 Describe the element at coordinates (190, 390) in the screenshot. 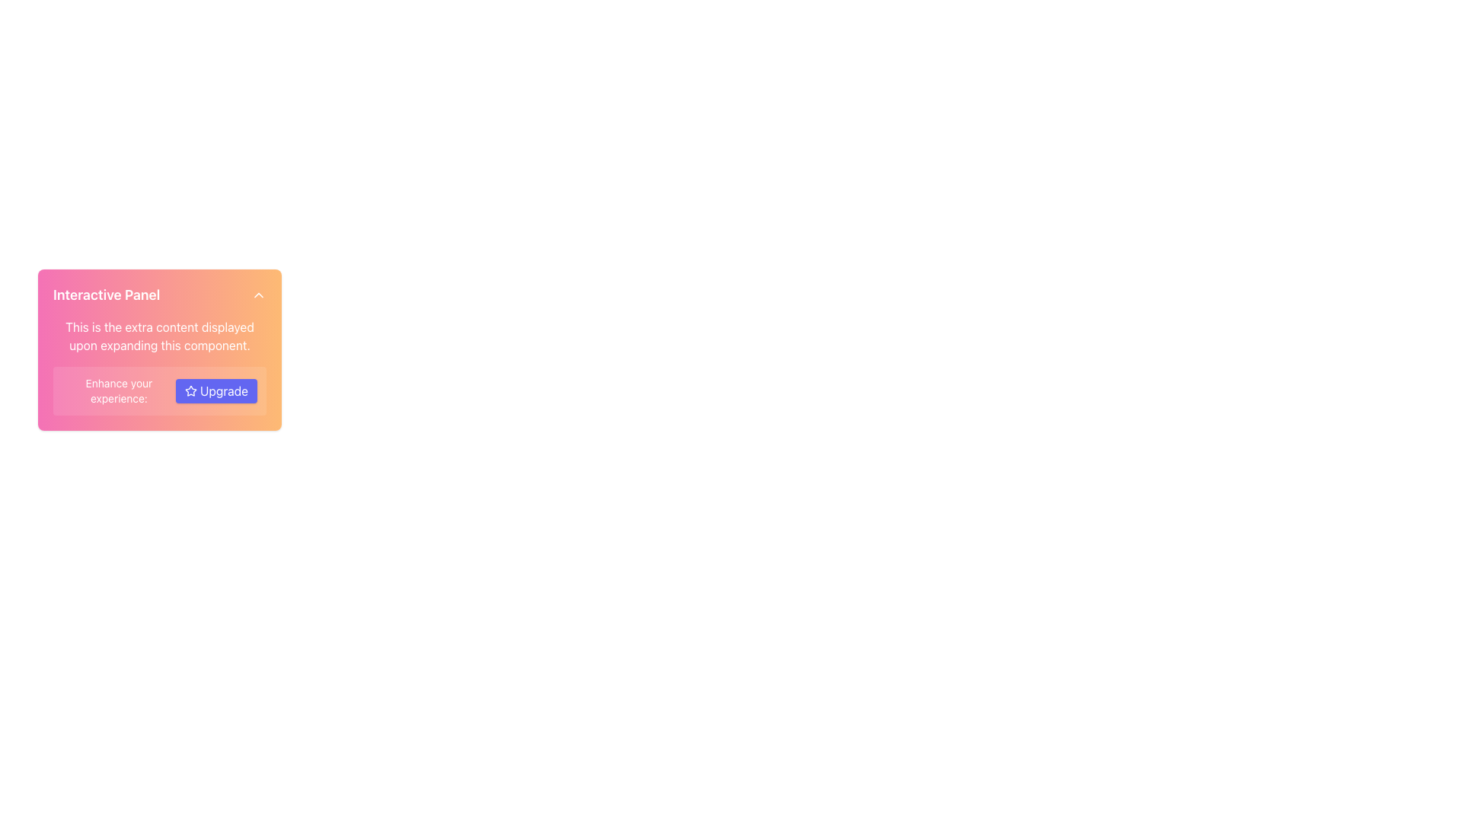

I see `the star-shaped icon located to the left of the 'Upgrade' text within the blue rounded button` at that location.